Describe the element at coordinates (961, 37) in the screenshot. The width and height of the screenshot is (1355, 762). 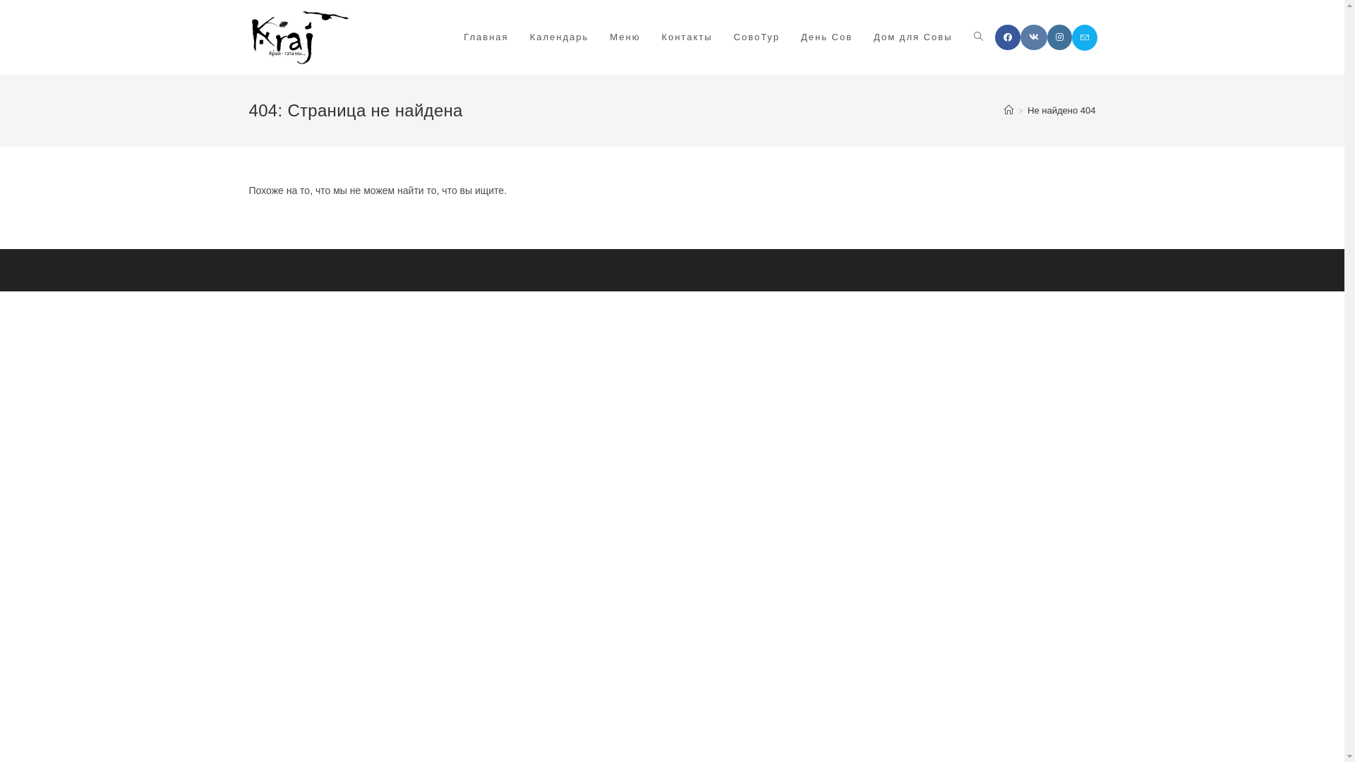
I see `'Toggle website search'` at that location.